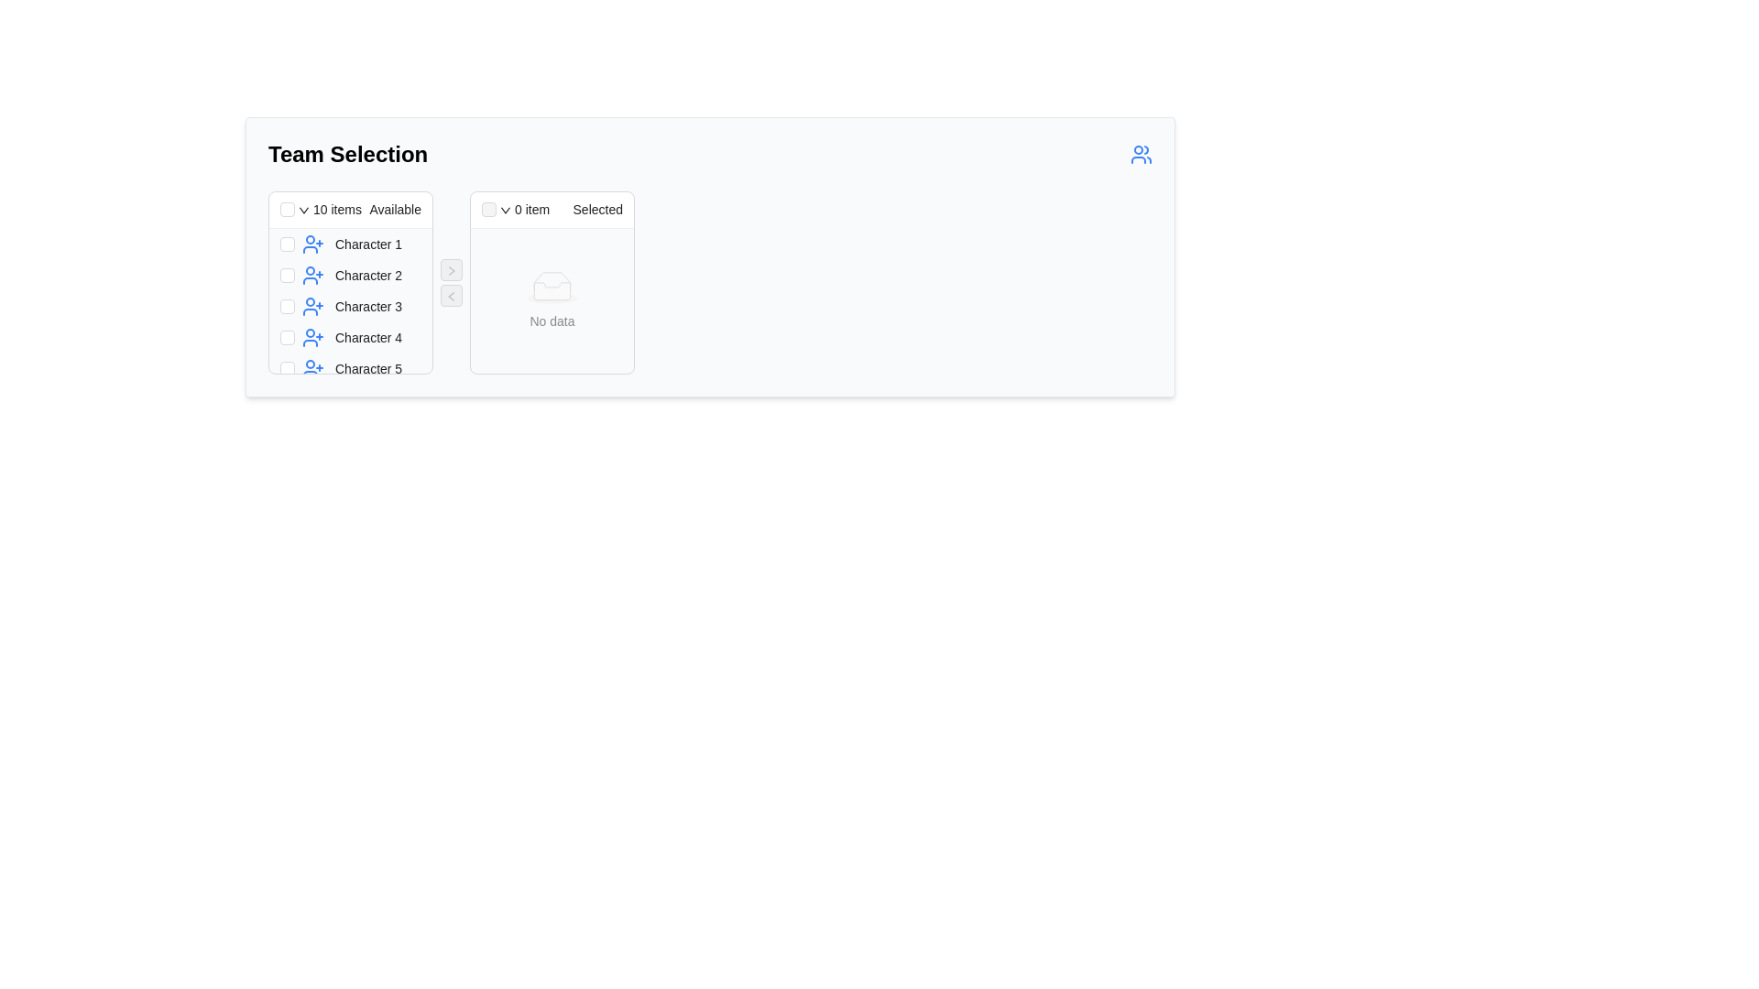 The width and height of the screenshot is (1759, 989). Describe the element at coordinates (351, 275) in the screenshot. I see `the second selectable list item in the '10 items Available' panel` at that location.